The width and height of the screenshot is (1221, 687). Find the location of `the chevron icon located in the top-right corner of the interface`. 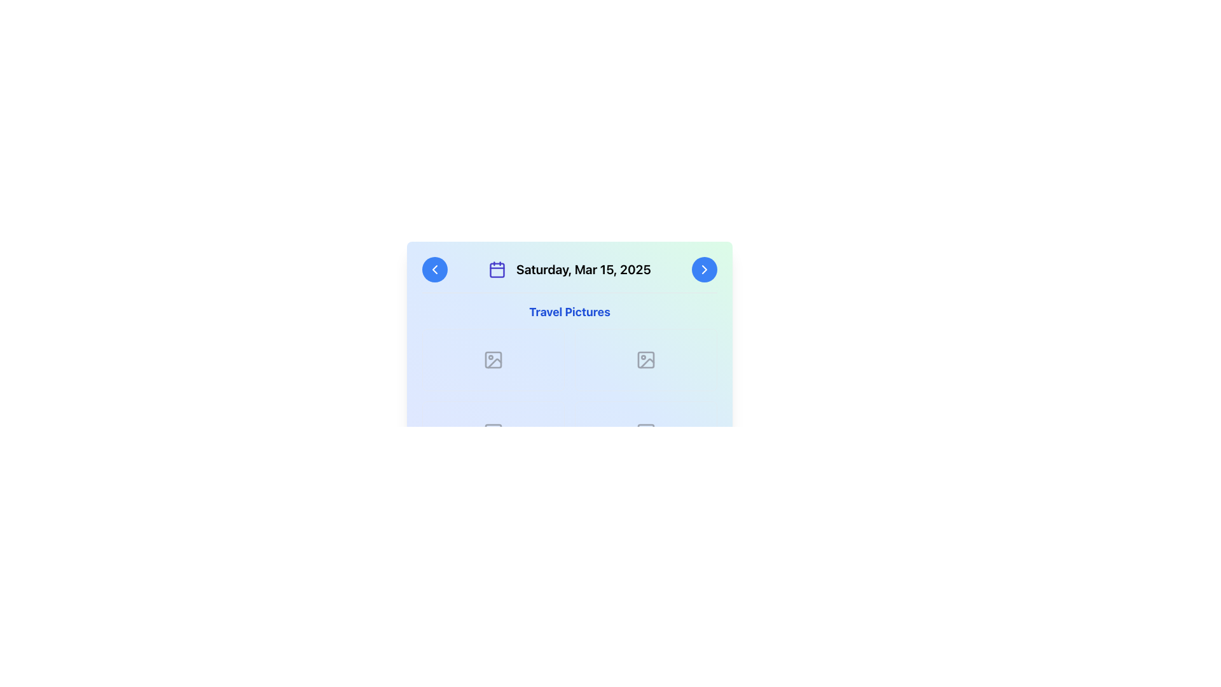

the chevron icon located in the top-right corner of the interface is located at coordinates (704, 269).